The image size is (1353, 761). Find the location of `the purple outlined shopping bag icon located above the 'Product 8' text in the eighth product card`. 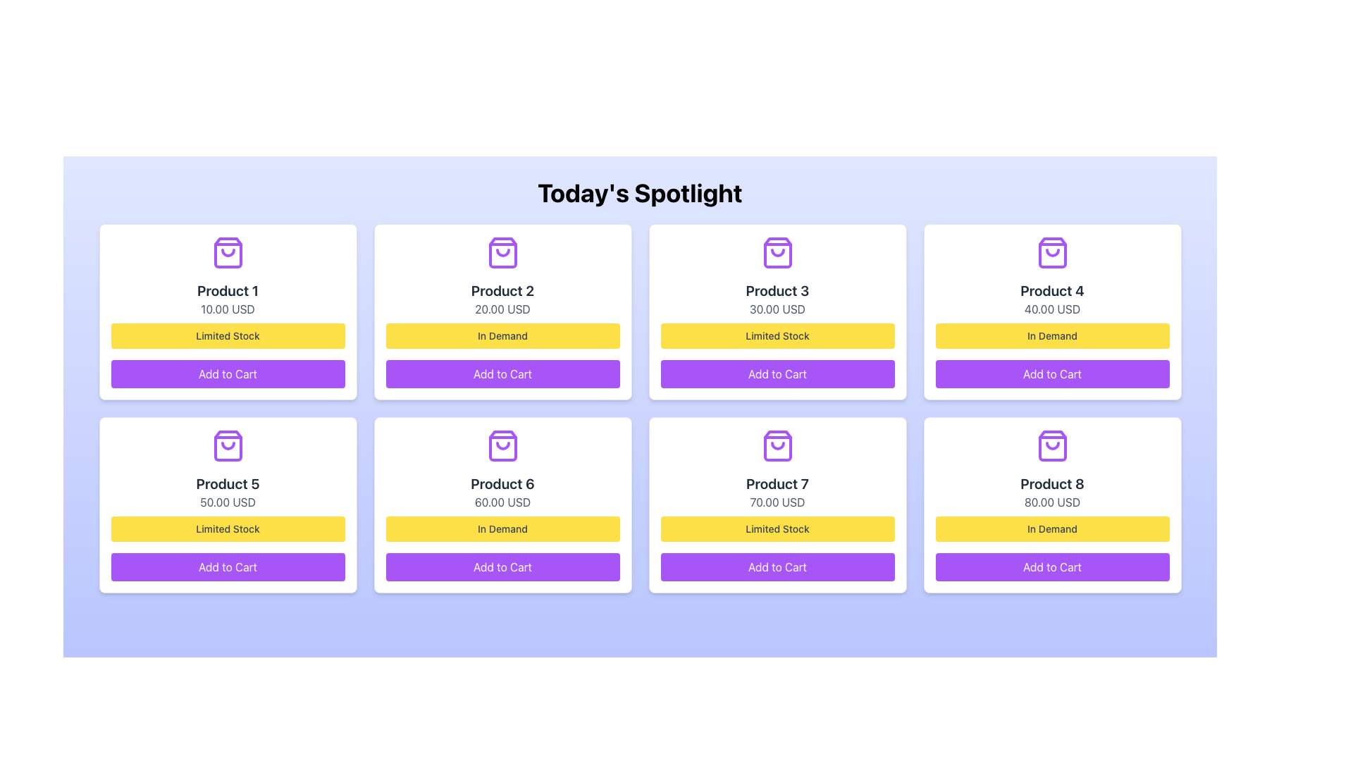

the purple outlined shopping bag icon located above the 'Product 8' text in the eighth product card is located at coordinates (1052, 445).